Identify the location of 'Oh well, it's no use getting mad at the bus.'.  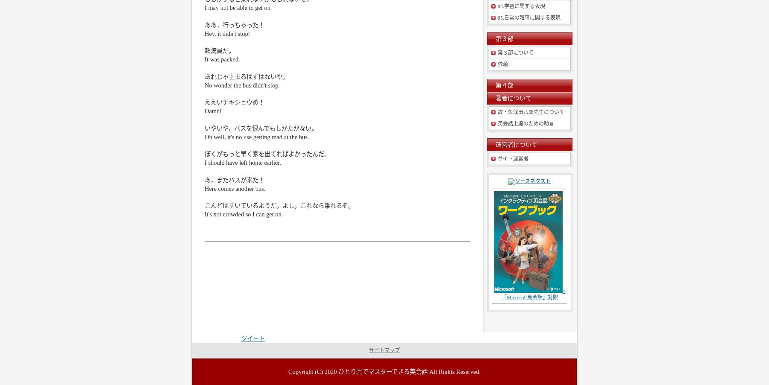
(257, 136).